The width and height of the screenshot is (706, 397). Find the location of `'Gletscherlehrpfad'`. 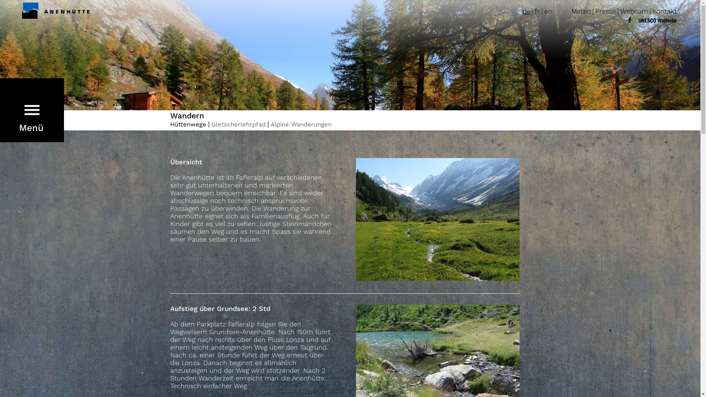

'Gletscherlehrpfad' is located at coordinates (238, 124).